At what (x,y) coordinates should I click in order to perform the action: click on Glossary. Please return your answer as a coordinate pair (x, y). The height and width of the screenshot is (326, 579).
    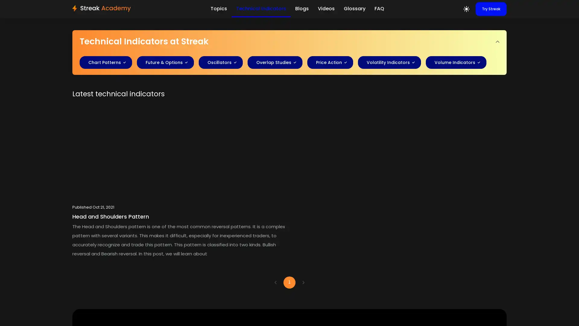
    Looking at the image, I should click on (354, 8).